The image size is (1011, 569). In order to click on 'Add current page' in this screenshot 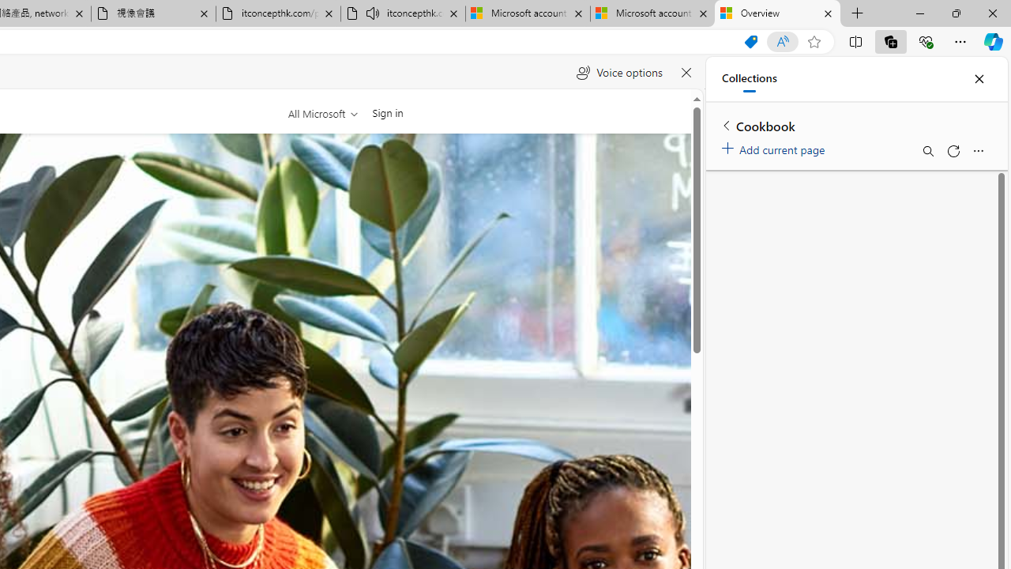, I will do `click(776, 147)`.